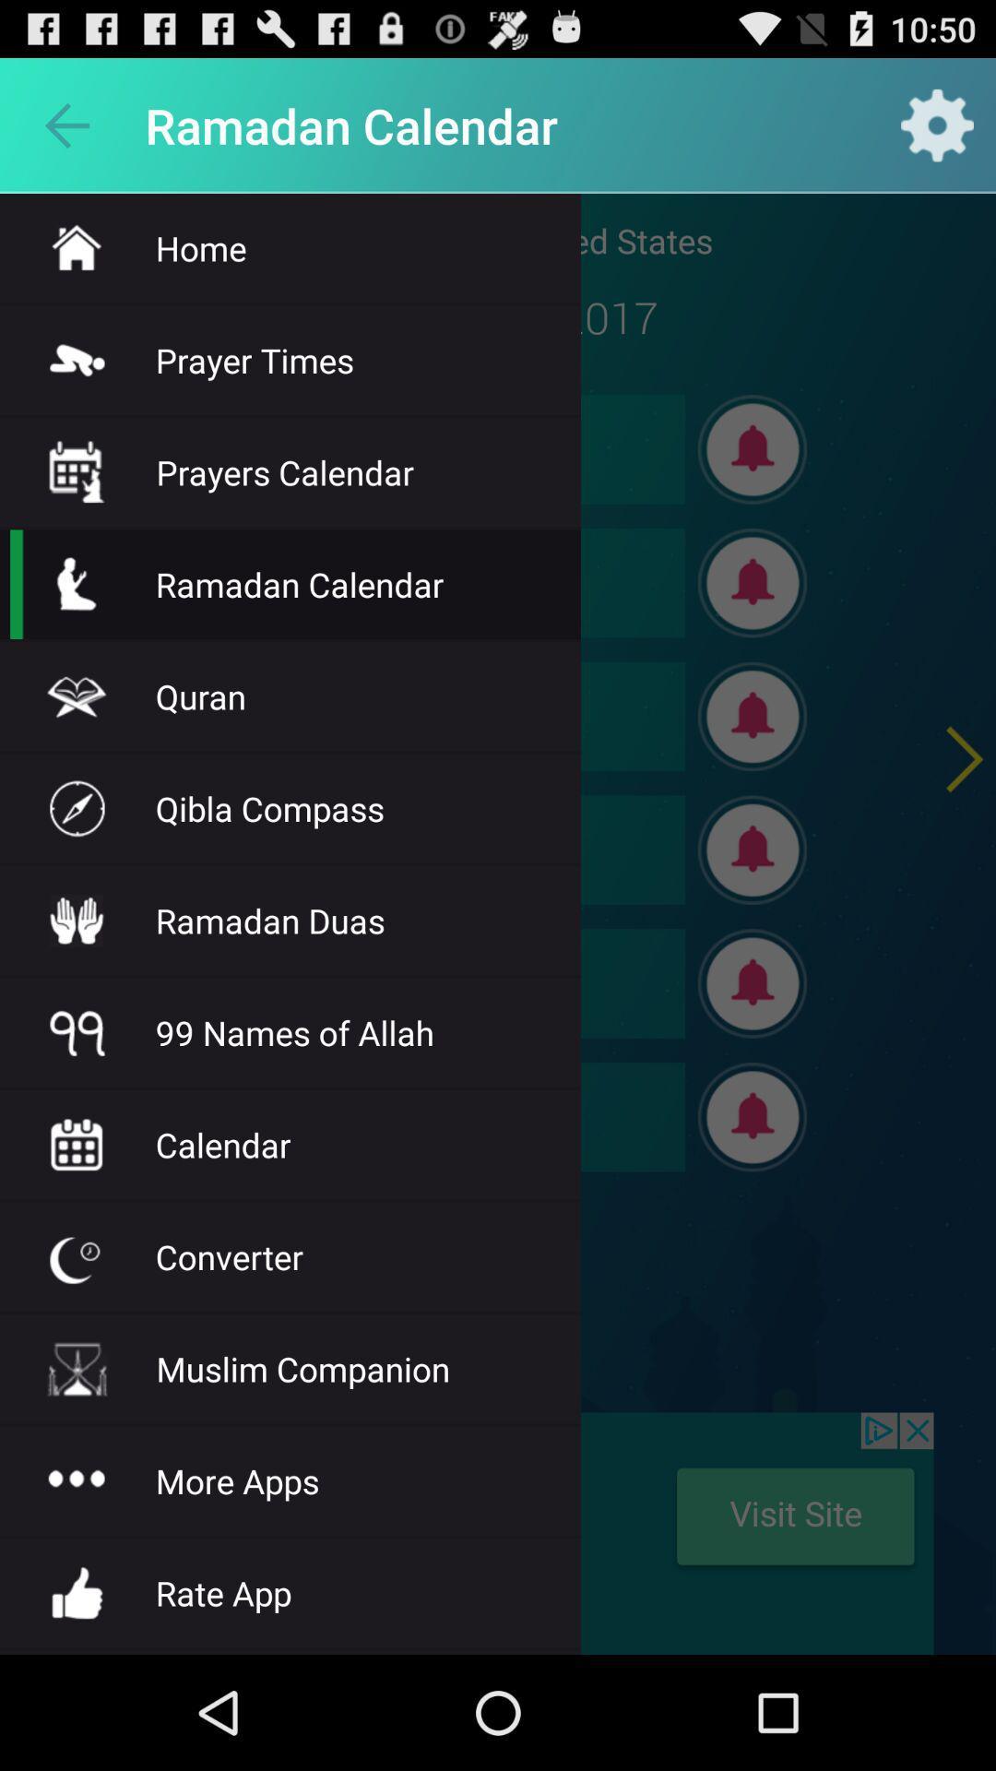  What do you see at coordinates (753, 481) in the screenshot?
I see `the notifications icon` at bounding box center [753, 481].